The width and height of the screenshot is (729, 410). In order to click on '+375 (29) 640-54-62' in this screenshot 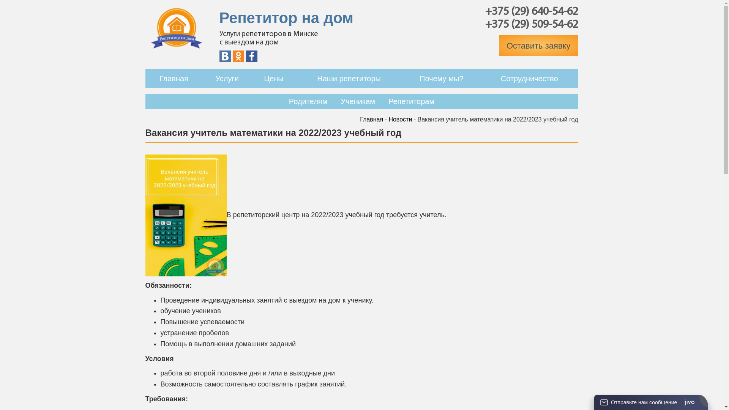, I will do `click(531, 12)`.